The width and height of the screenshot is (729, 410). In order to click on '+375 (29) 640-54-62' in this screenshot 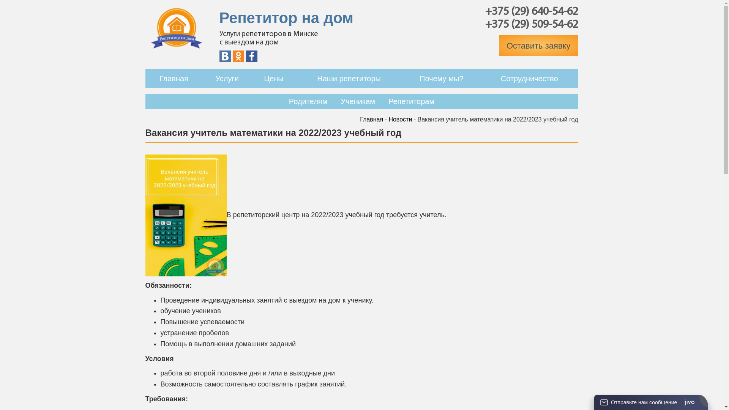, I will do `click(531, 12)`.